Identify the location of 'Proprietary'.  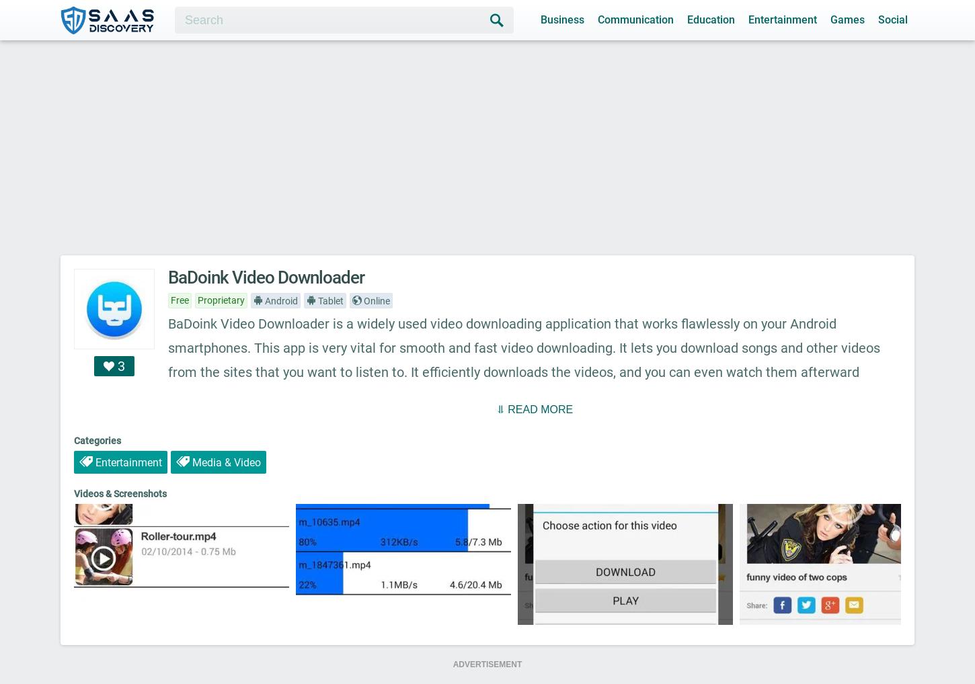
(221, 300).